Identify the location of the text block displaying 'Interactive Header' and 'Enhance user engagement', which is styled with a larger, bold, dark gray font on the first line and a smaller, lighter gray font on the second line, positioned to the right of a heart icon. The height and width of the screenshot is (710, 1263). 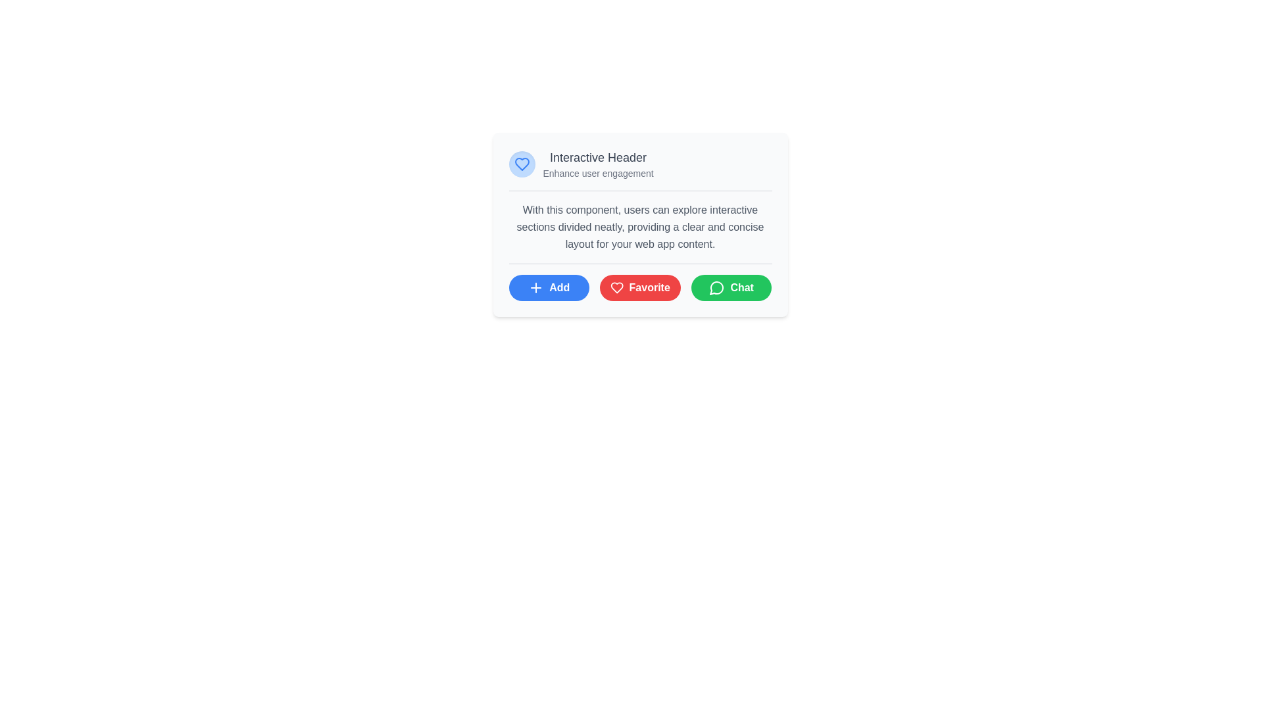
(597, 164).